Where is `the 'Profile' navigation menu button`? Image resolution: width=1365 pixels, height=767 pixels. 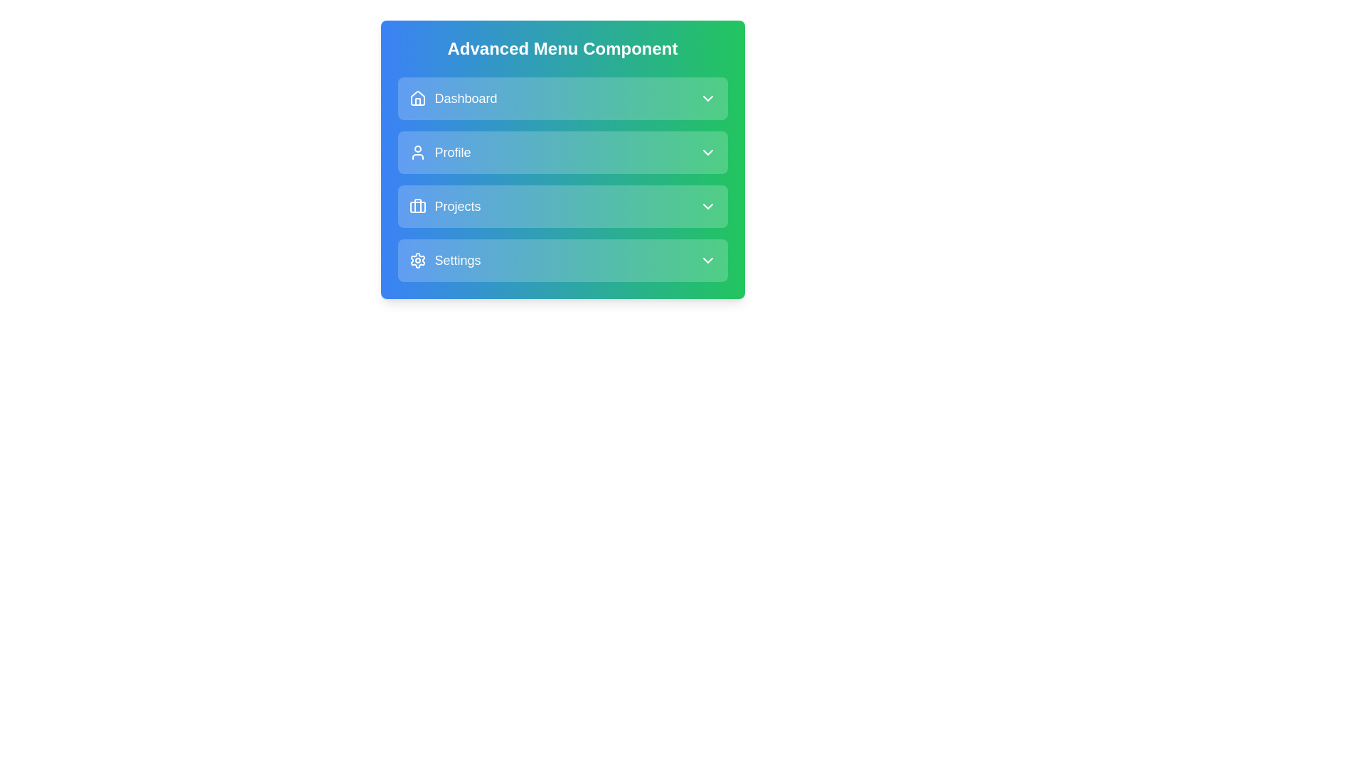
the 'Profile' navigation menu button is located at coordinates (562, 153).